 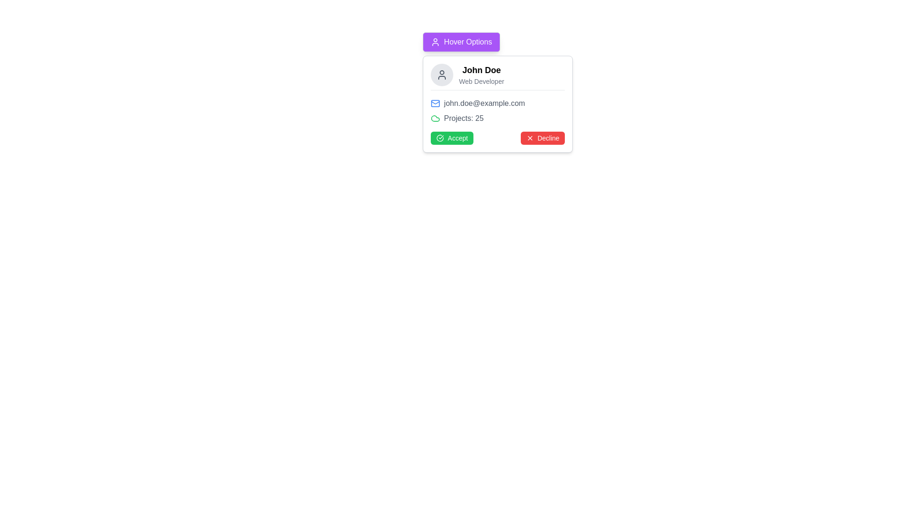 I want to click on the small white 'x' icon located within the red 'Decline' button, which is positioned towards the right bottom region of the card component, so click(x=530, y=138).